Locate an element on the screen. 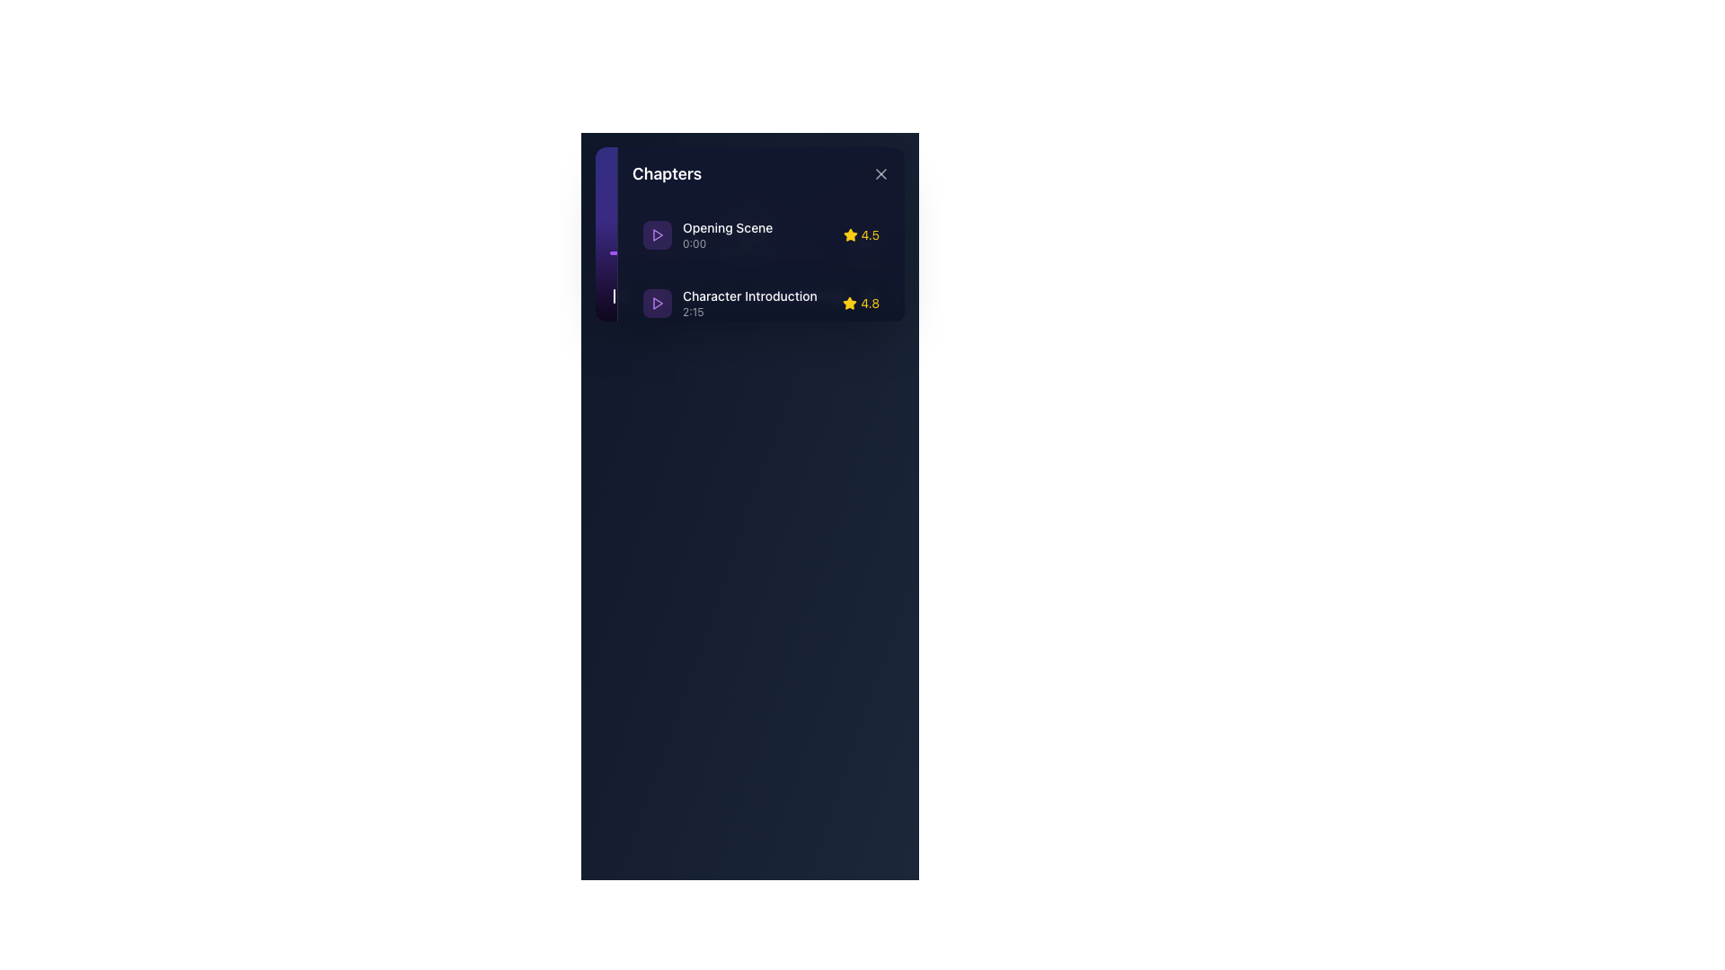 The image size is (1725, 970). the play button icon in the chapters section is located at coordinates (656, 303).